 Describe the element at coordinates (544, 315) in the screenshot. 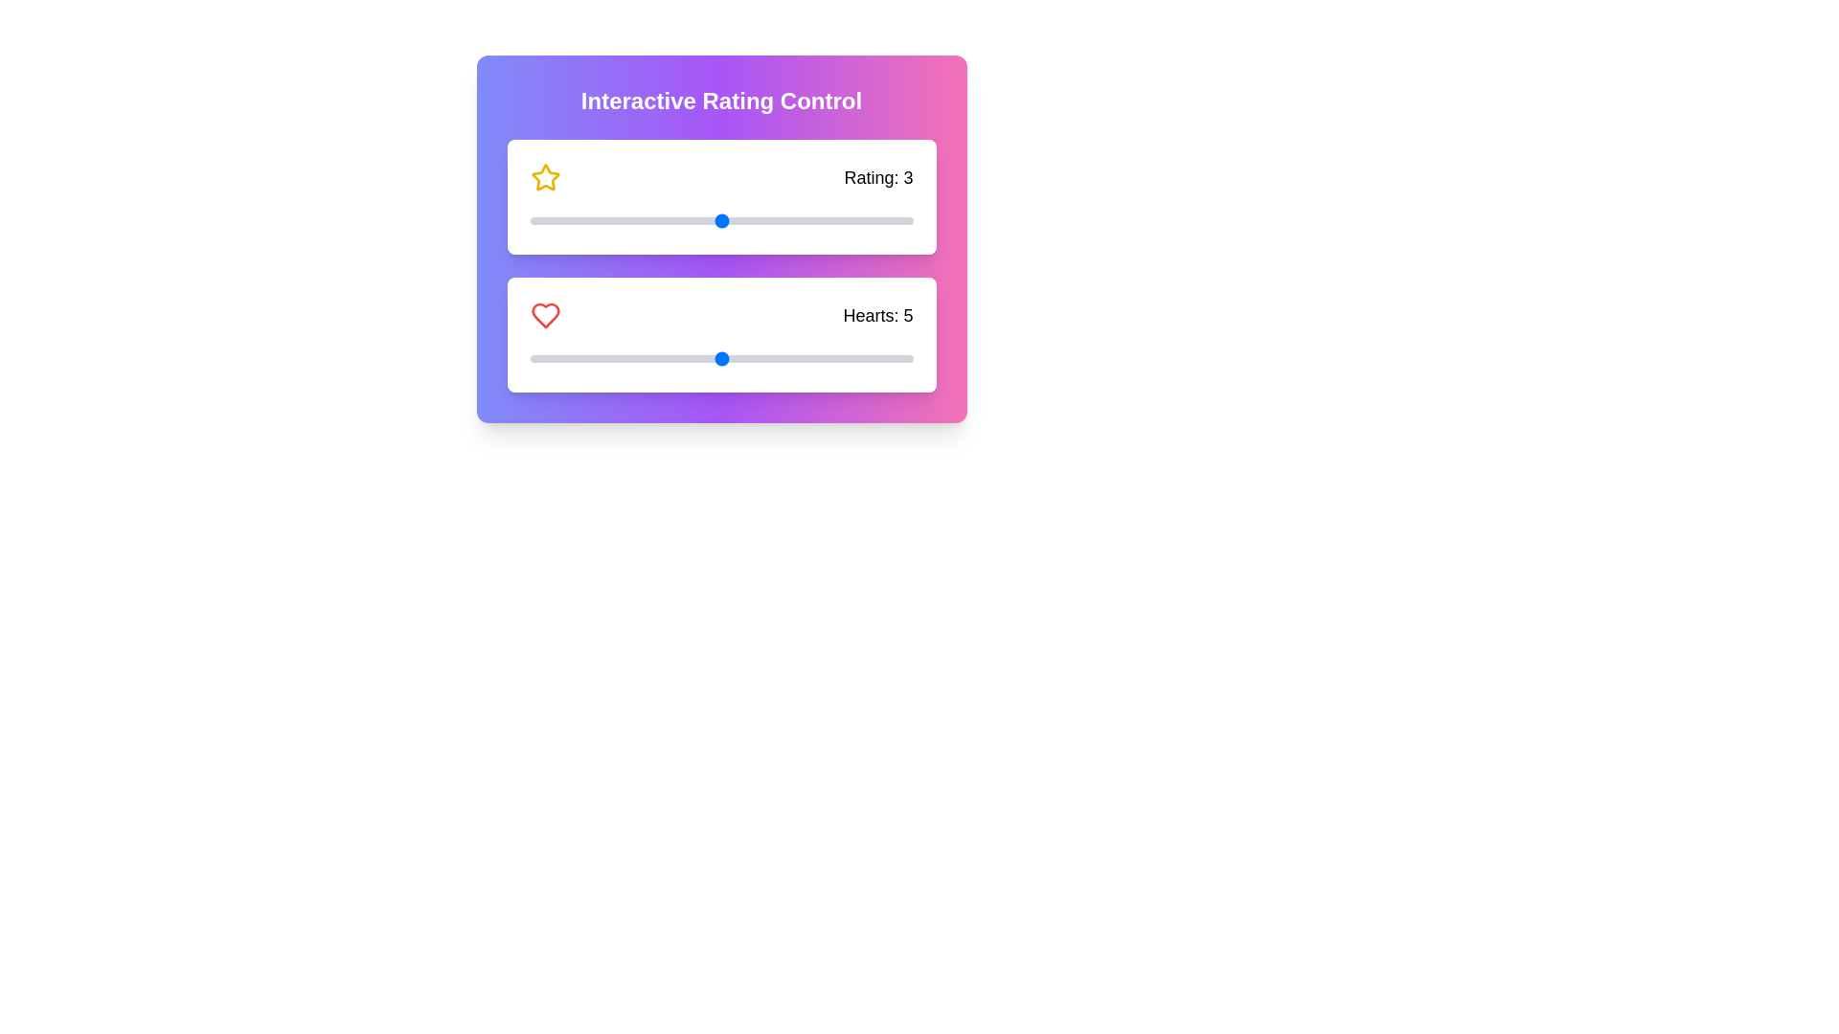

I see `the heart icon in the component` at that location.